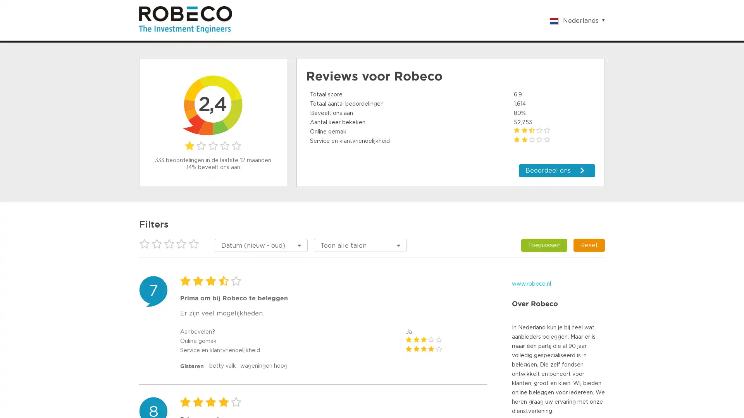  I want to click on Reset, so click(589, 245).